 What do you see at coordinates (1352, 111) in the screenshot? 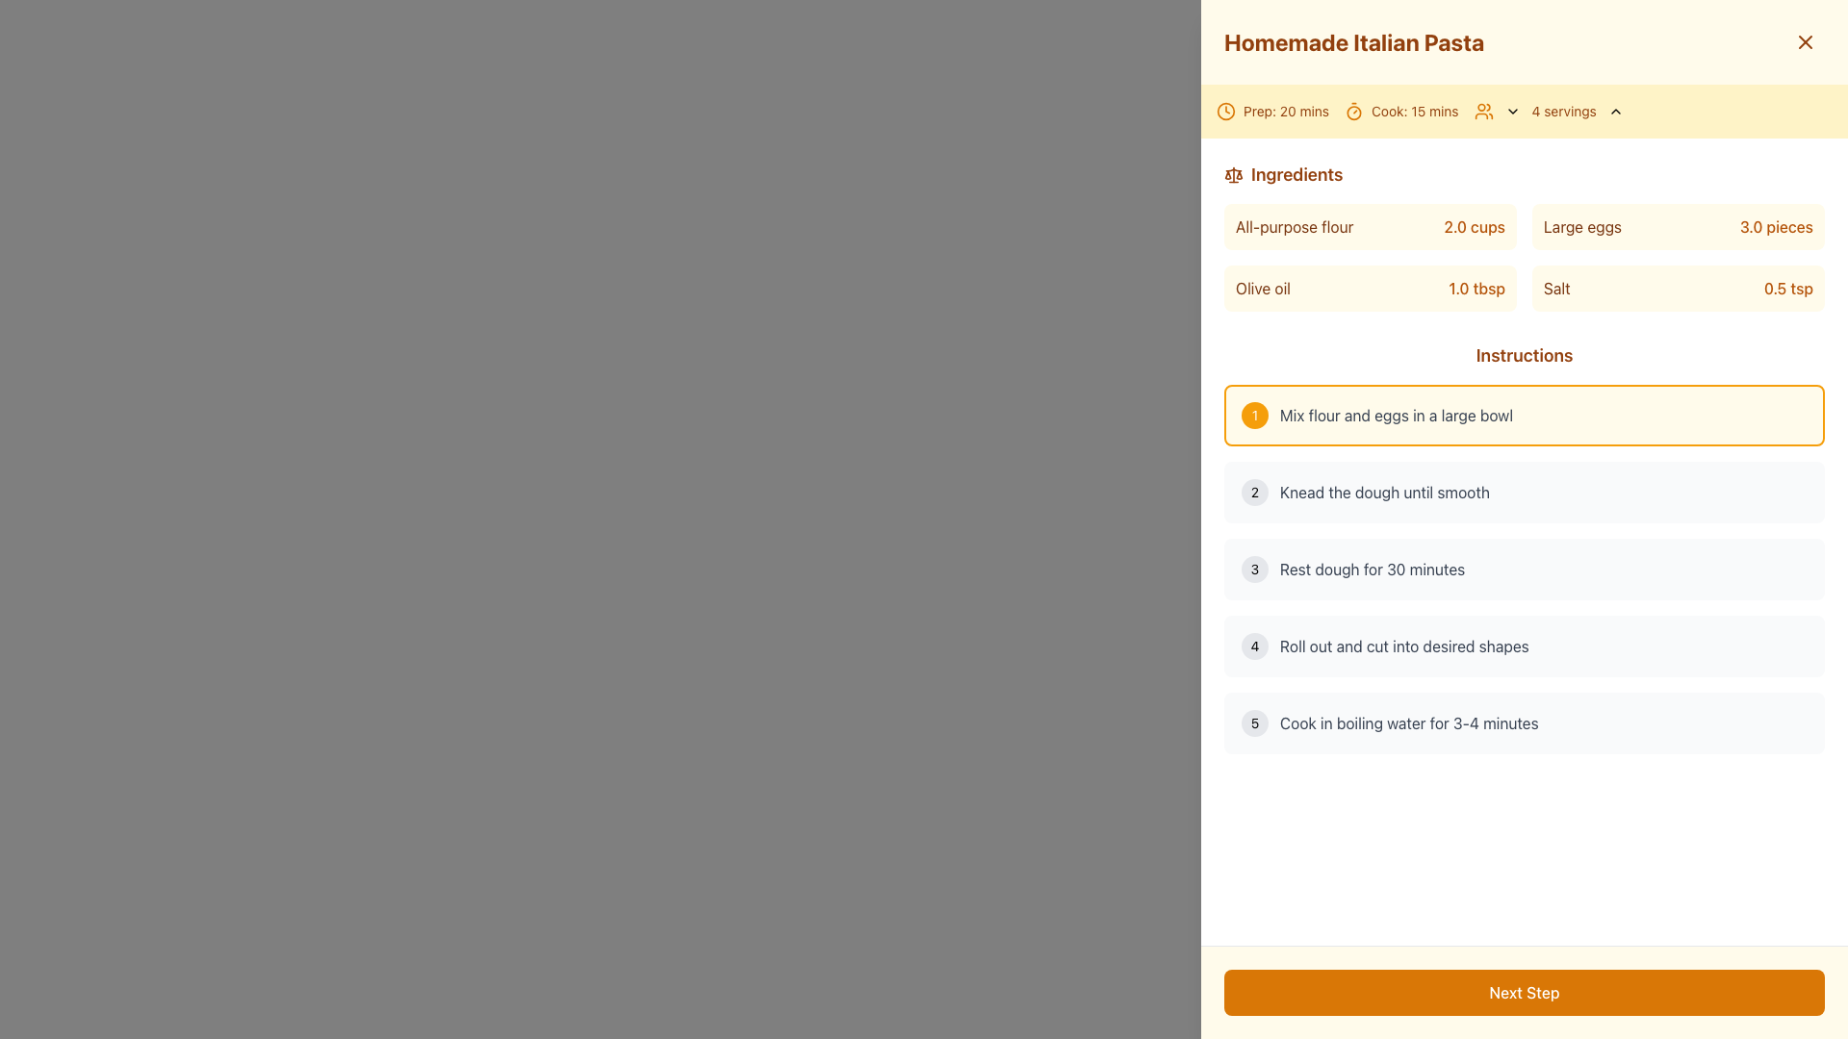
I see `associated textual information of the amber timer icon located in the header area before the text 'Cook: 15 mins'` at bounding box center [1352, 111].